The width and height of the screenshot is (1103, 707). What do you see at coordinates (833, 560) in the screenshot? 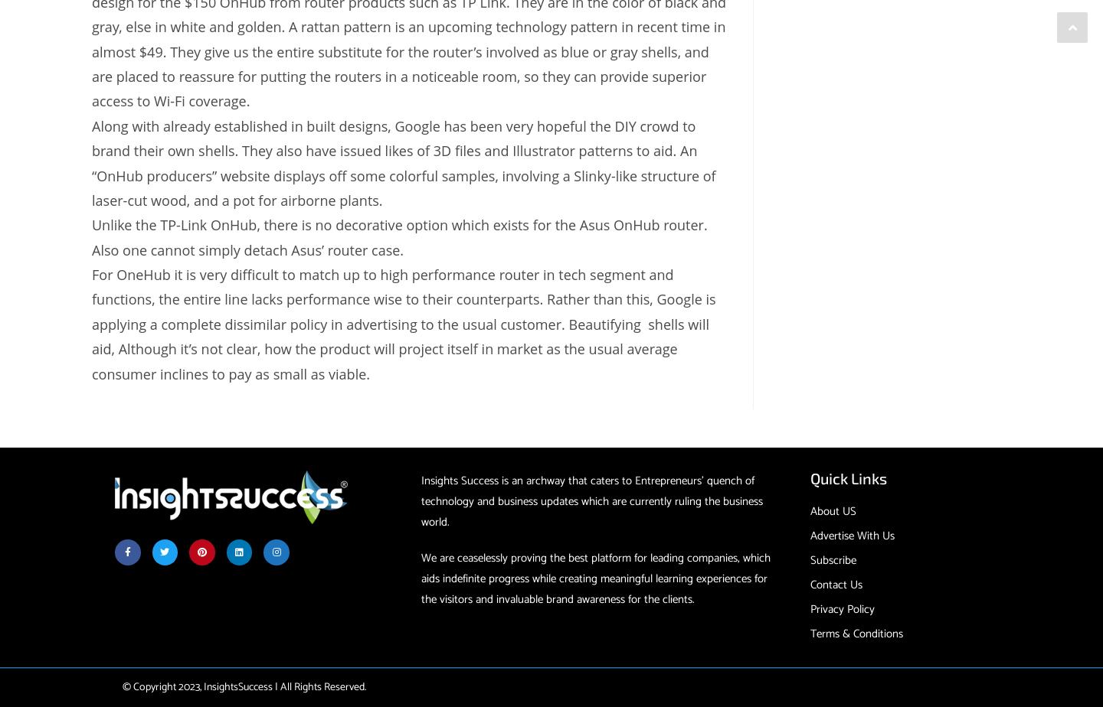
I see `'Subscribe'` at bounding box center [833, 560].